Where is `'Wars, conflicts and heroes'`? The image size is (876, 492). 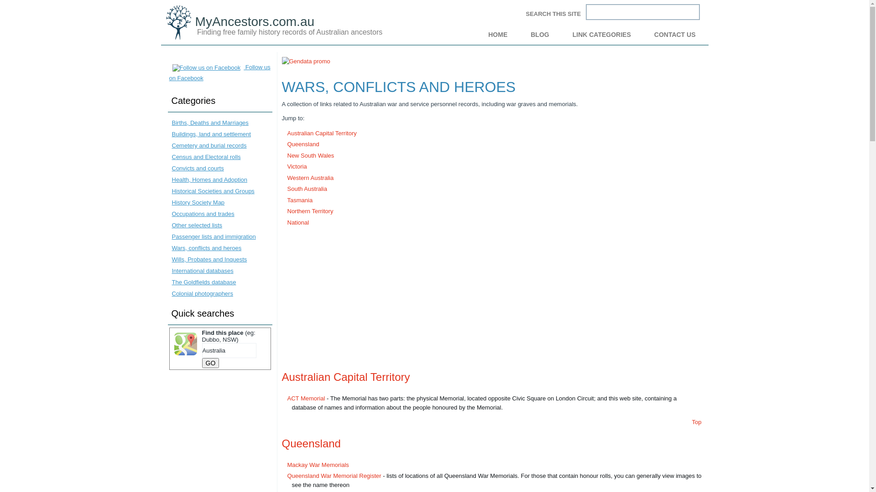
'Wars, conflicts and heroes' is located at coordinates (206, 248).